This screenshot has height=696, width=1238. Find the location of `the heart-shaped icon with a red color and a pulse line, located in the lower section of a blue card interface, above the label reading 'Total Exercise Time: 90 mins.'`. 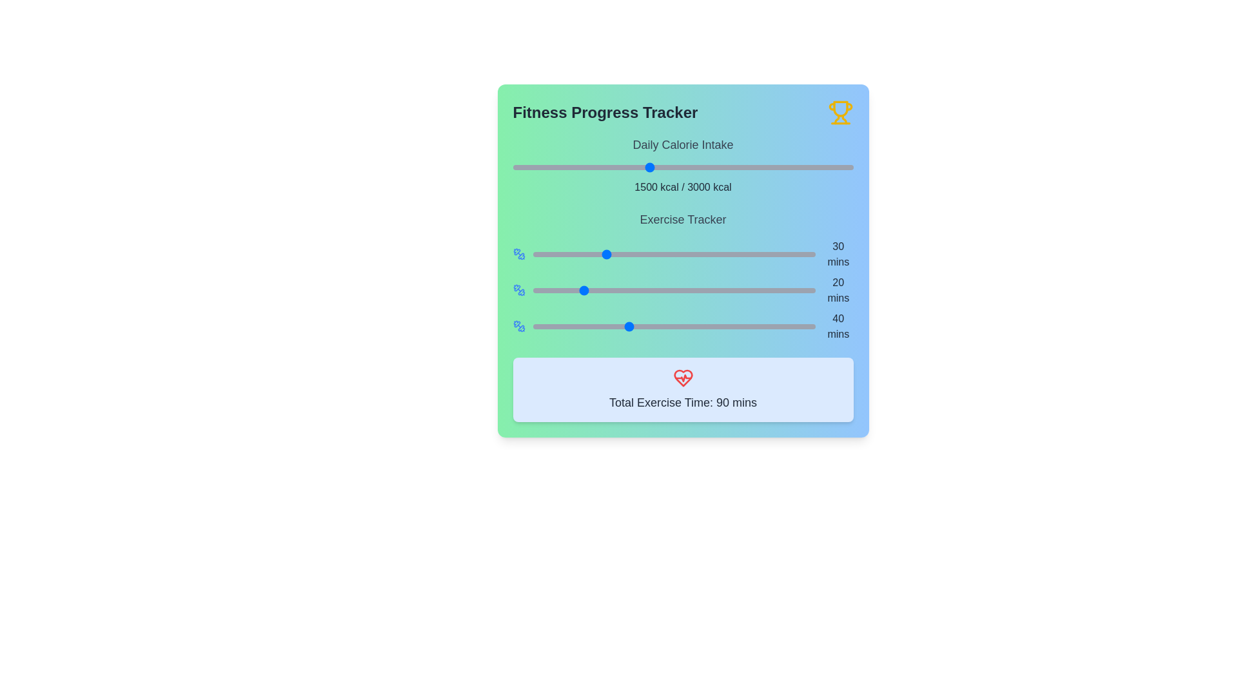

the heart-shaped icon with a red color and a pulse line, located in the lower section of a blue card interface, above the label reading 'Total Exercise Time: 90 mins.' is located at coordinates (682, 377).